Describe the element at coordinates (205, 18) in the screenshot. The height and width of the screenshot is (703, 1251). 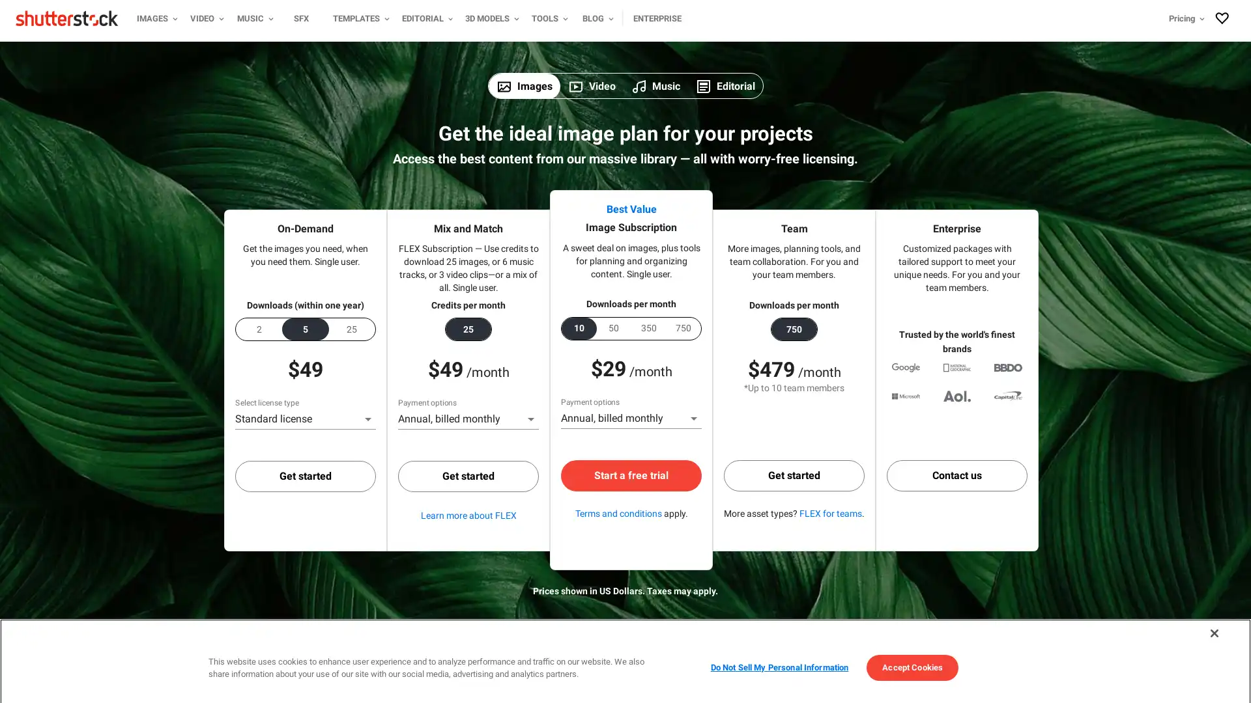
I see `Video` at that location.